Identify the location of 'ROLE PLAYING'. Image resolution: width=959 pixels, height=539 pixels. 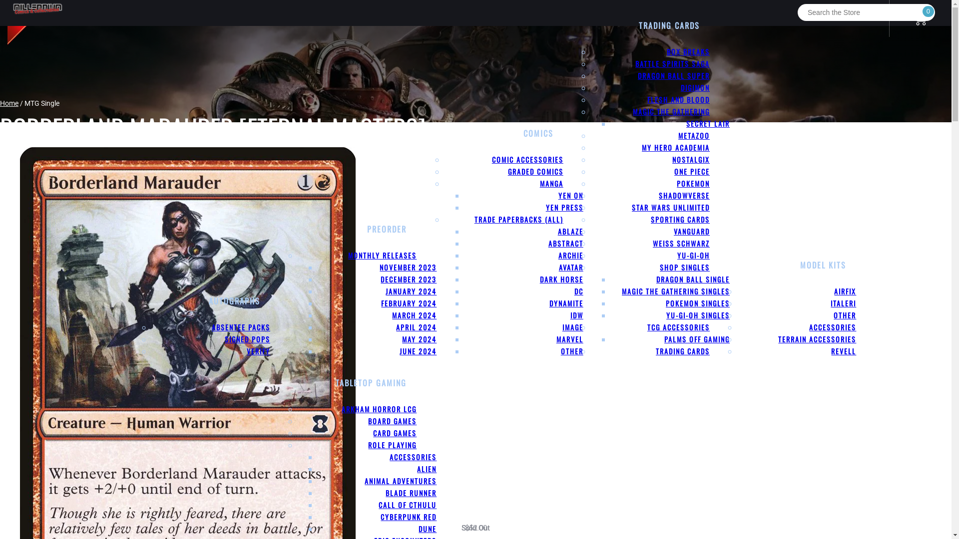
(368, 444).